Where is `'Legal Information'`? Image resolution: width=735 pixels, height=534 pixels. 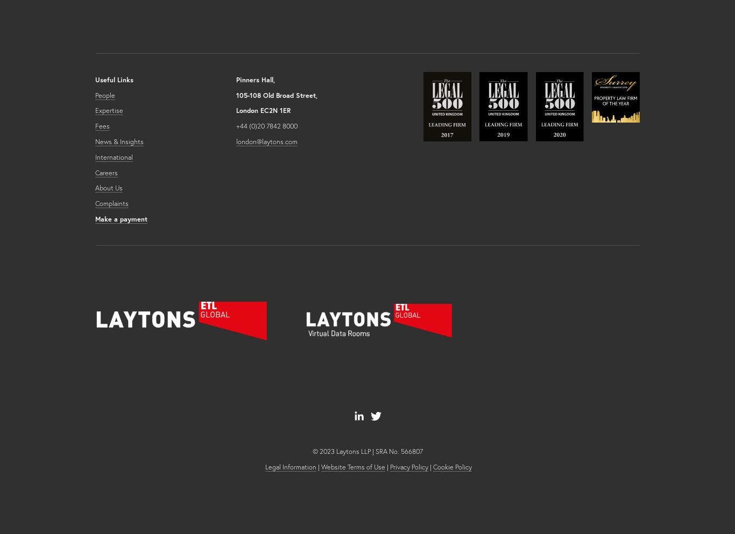 'Legal Information' is located at coordinates (290, 466).